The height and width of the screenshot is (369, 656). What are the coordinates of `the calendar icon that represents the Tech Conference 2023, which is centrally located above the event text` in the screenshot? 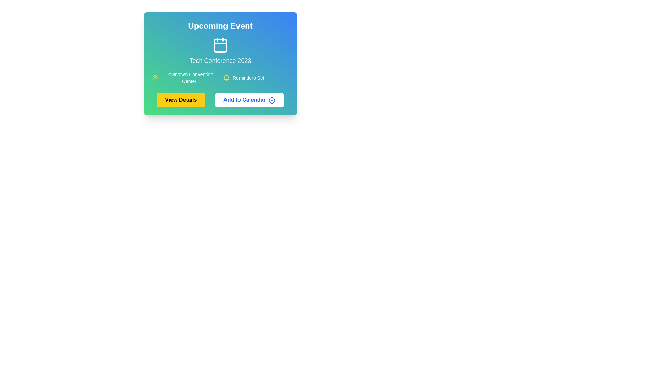 It's located at (220, 45).